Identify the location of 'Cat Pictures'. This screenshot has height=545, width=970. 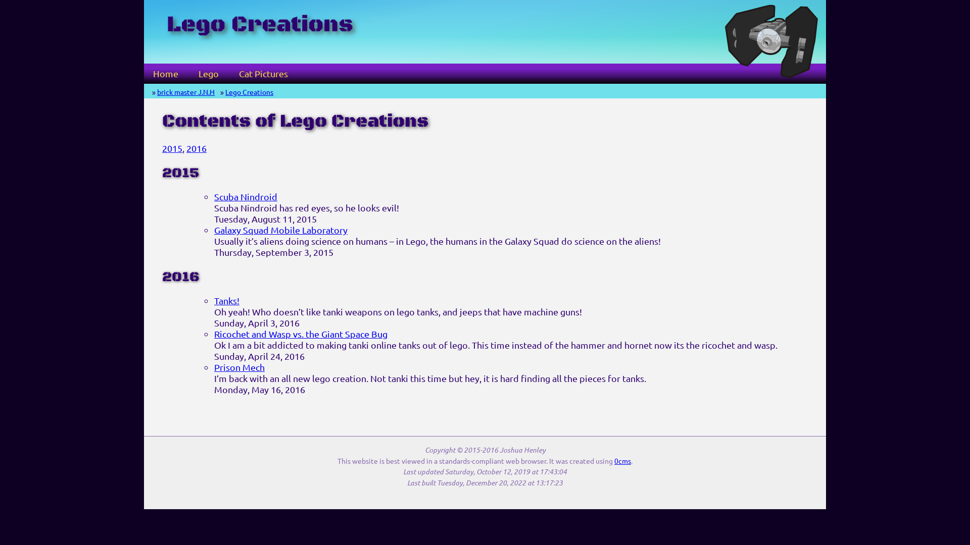
(263, 73).